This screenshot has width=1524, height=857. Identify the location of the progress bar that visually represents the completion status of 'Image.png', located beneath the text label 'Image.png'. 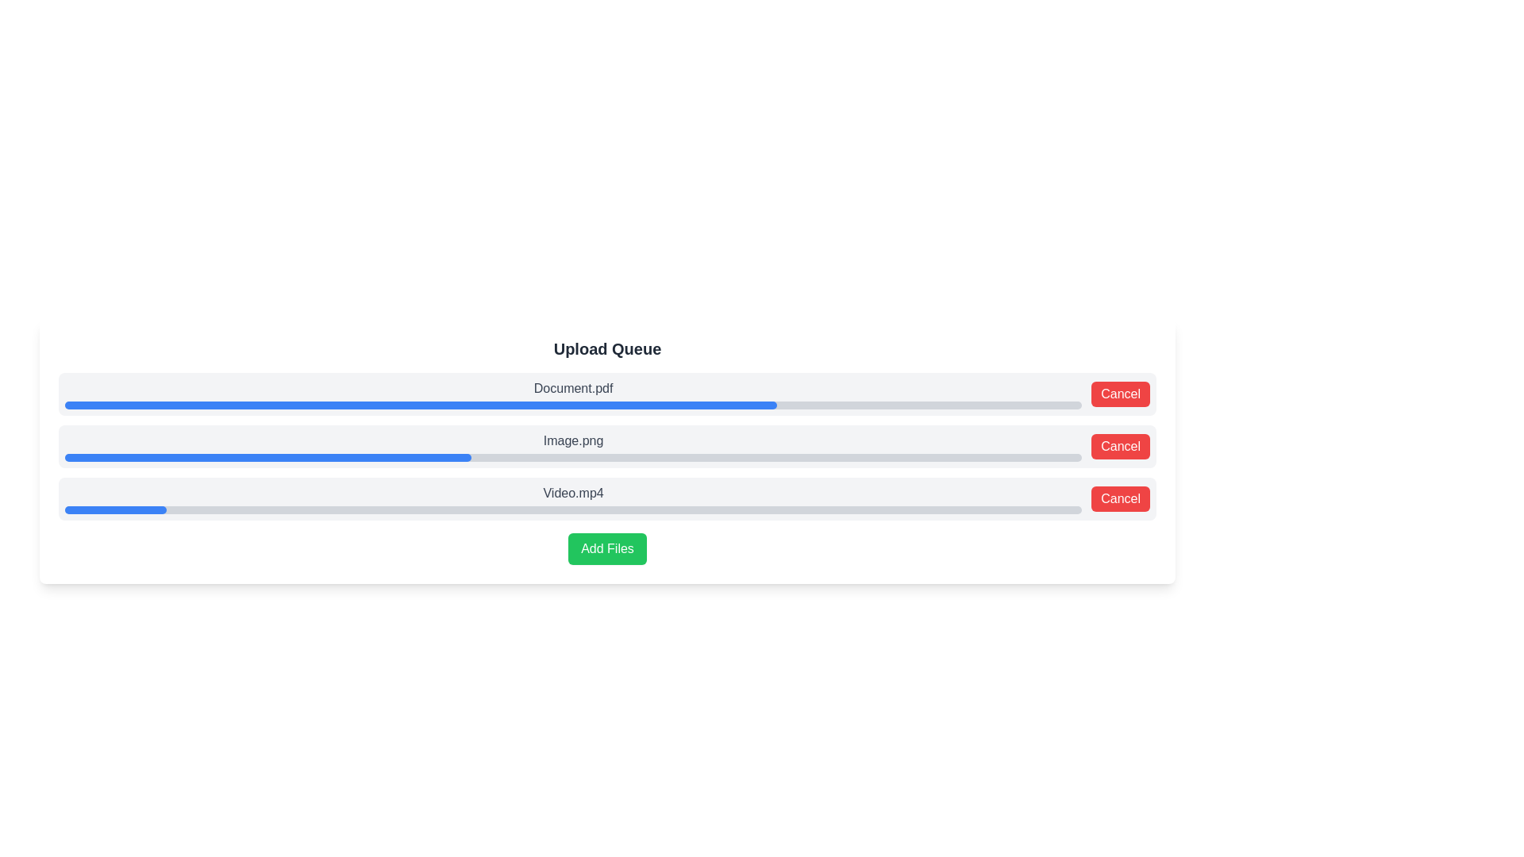
(572, 458).